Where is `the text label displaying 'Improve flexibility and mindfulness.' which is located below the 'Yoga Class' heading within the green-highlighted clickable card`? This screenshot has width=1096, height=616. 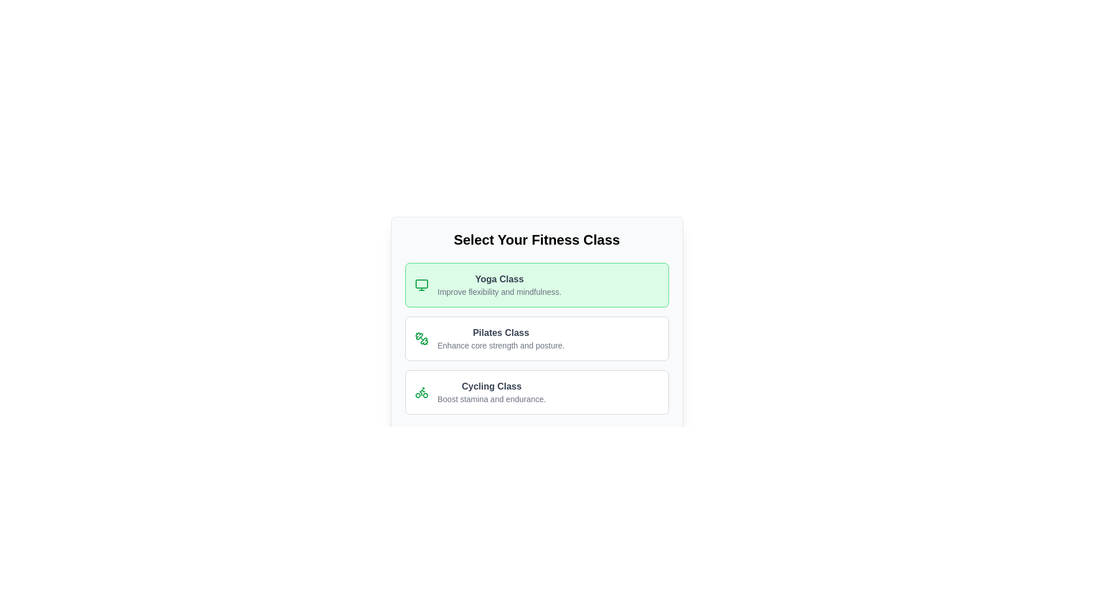
the text label displaying 'Improve flexibility and mindfulness.' which is located below the 'Yoga Class' heading within the green-highlighted clickable card is located at coordinates (499, 291).